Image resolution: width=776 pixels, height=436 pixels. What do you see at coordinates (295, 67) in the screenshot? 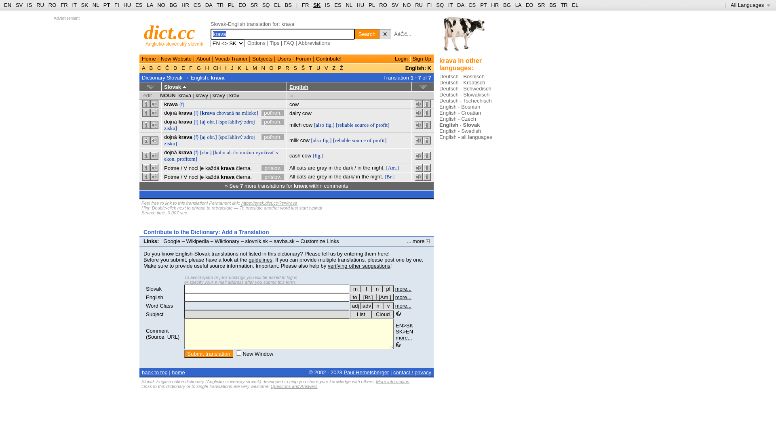
I see `'S'` at bounding box center [295, 67].